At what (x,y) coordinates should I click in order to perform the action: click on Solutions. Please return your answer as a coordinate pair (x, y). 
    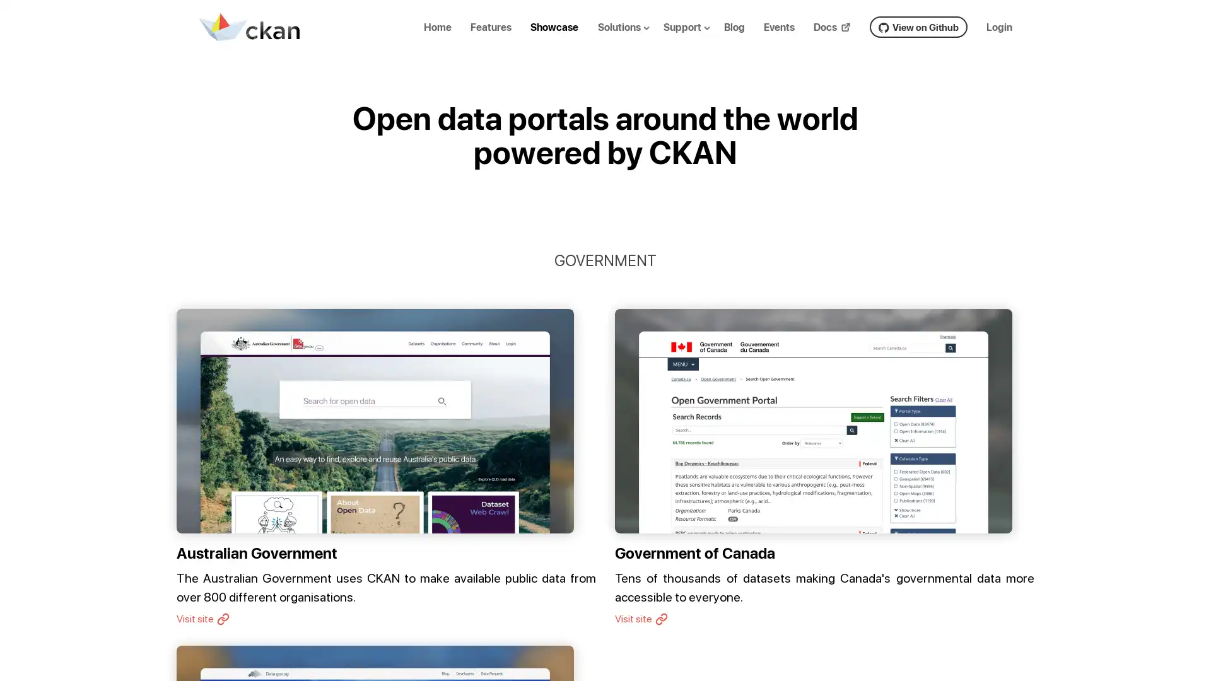
    Looking at the image, I should click on (633, 37).